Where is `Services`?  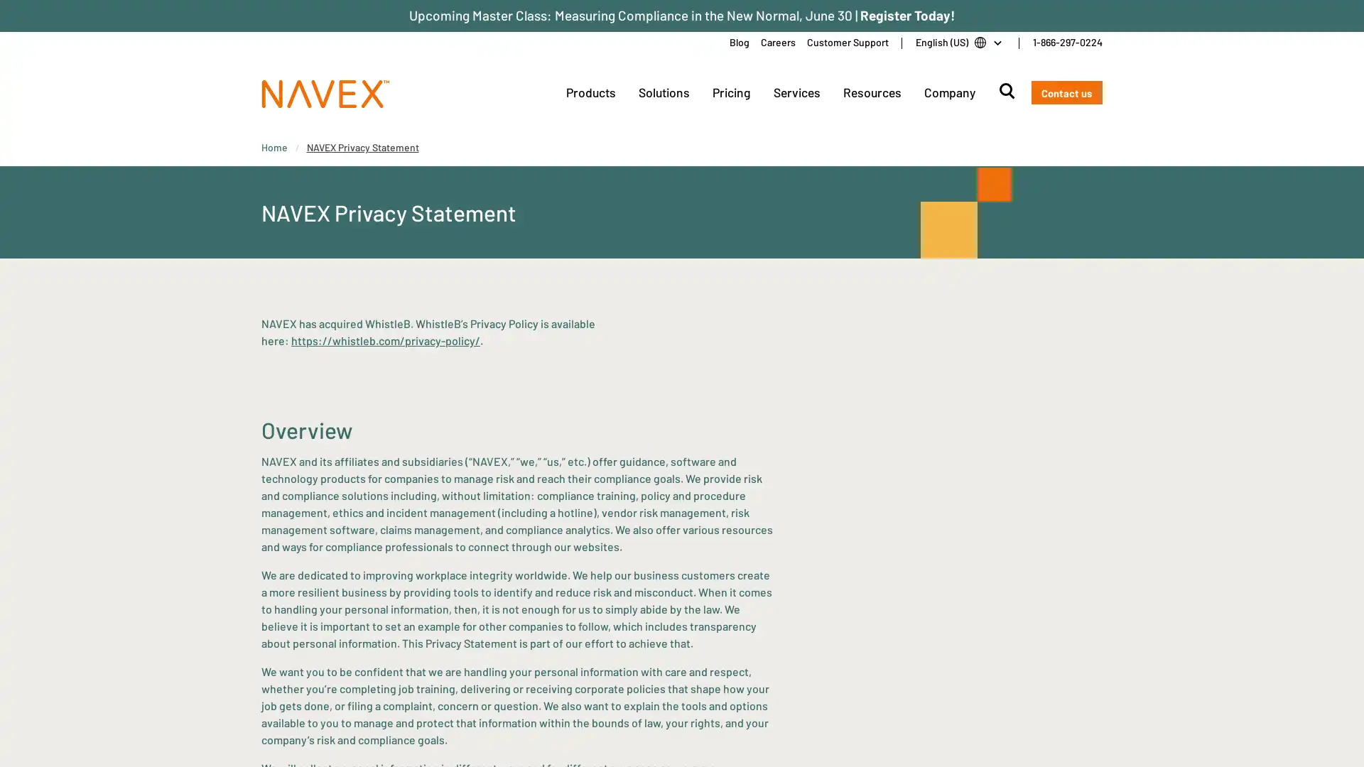 Services is located at coordinates (796, 92).